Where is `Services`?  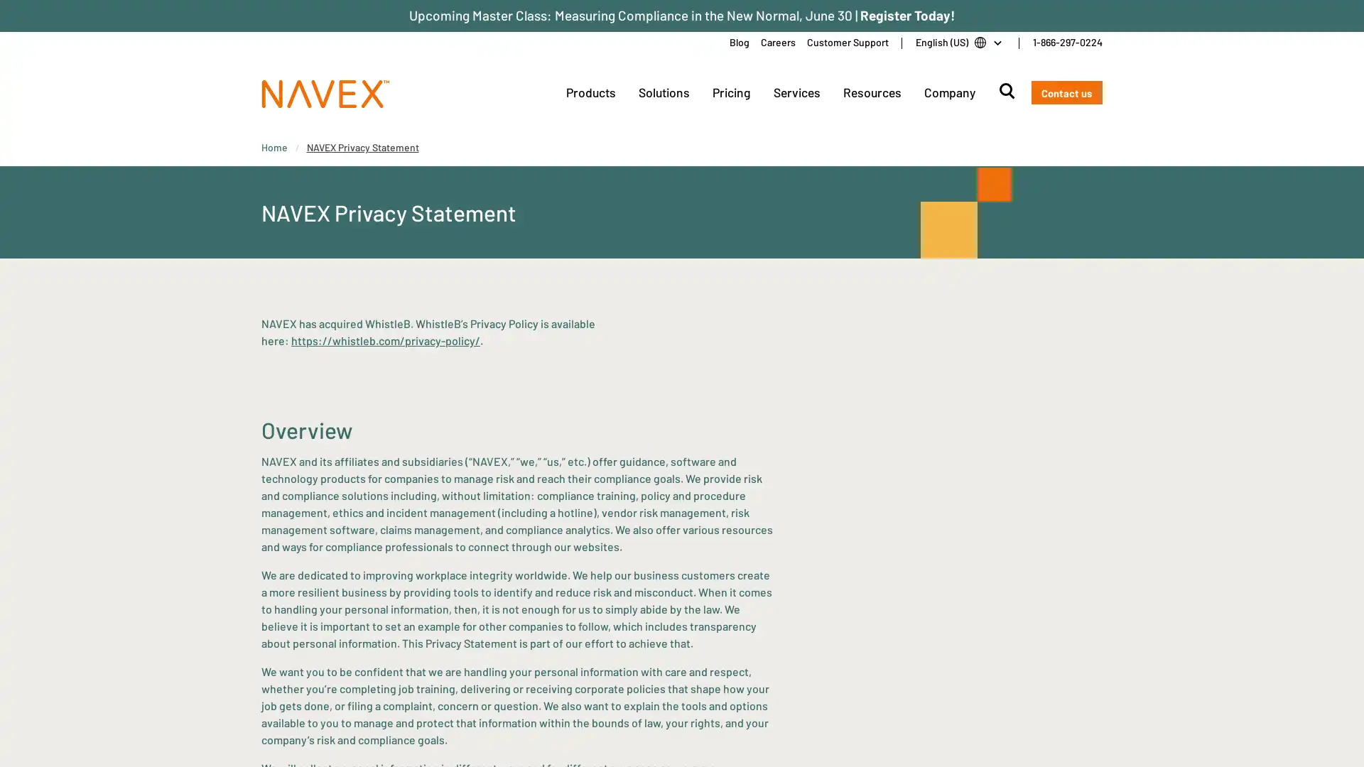 Services is located at coordinates (796, 92).